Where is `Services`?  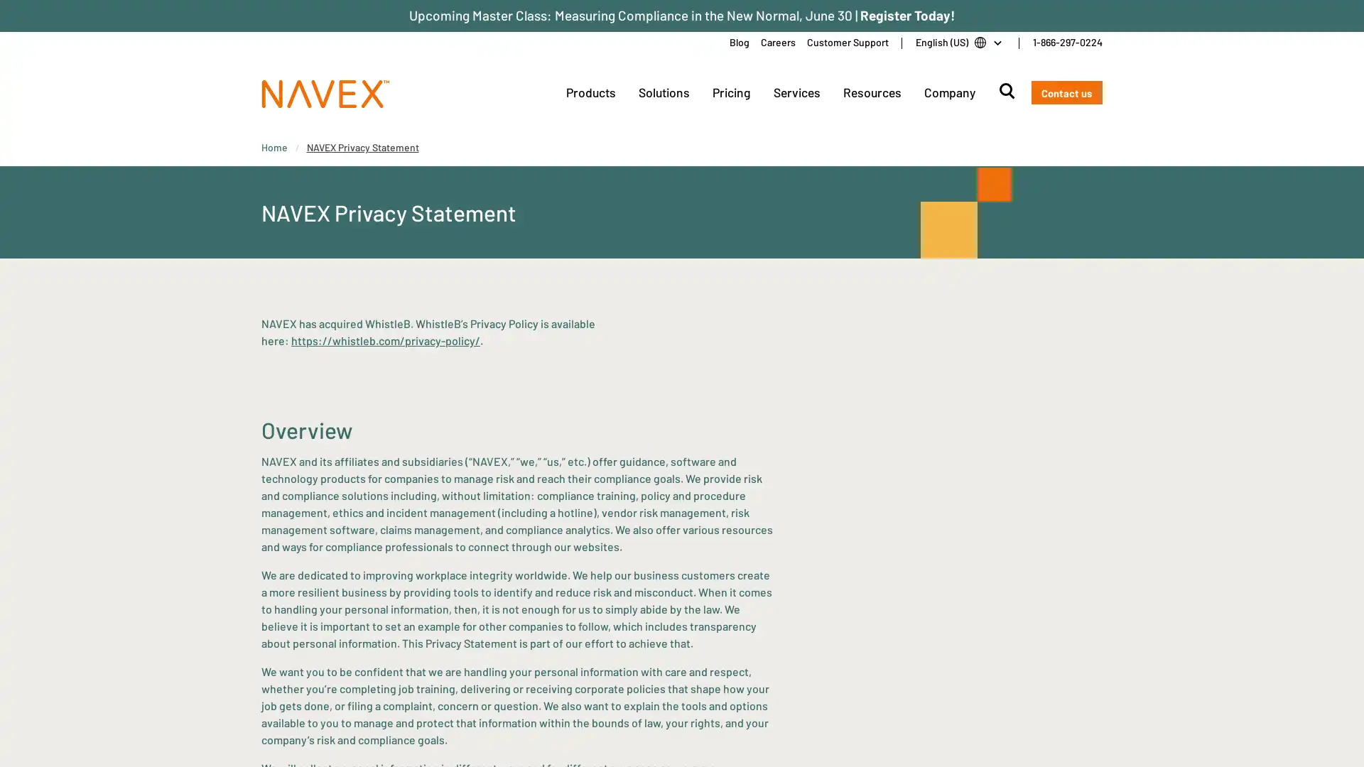 Services is located at coordinates (796, 92).